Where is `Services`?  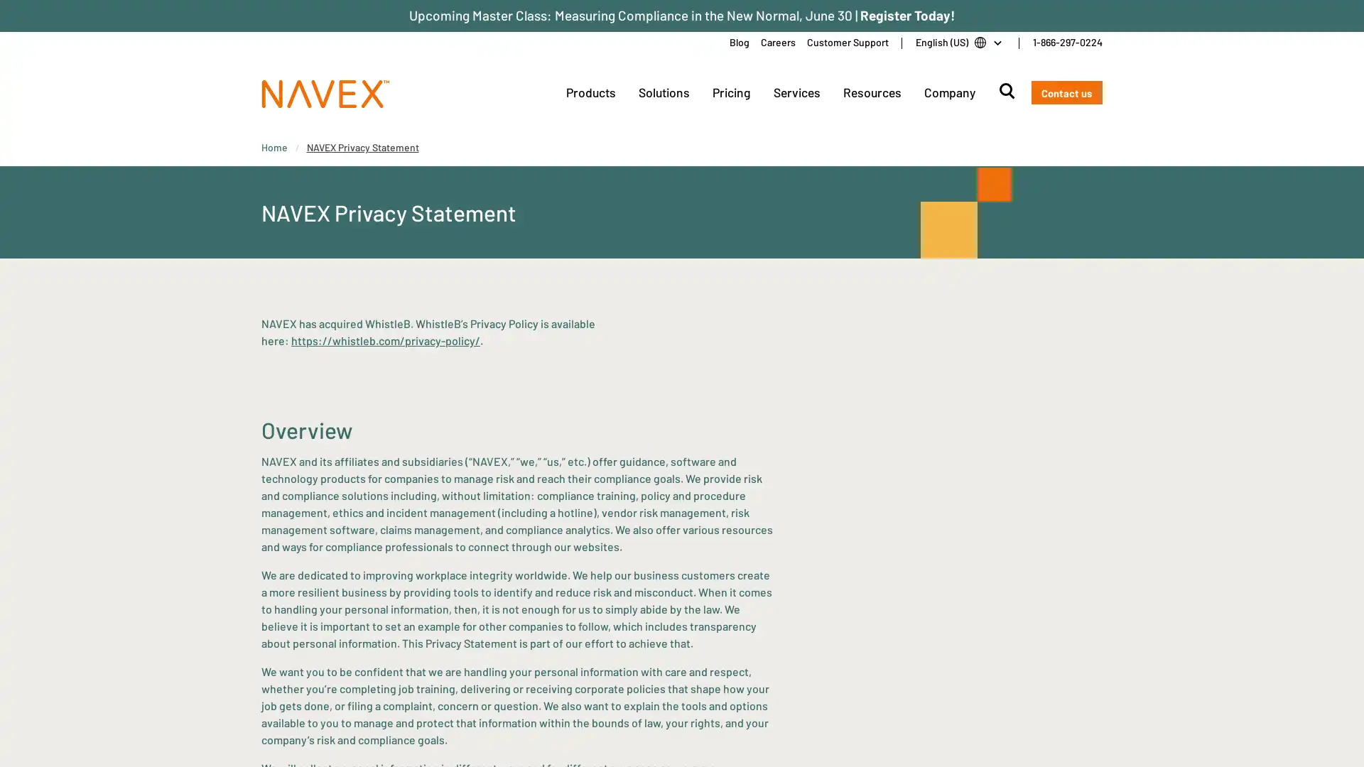 Services is located at coordinates (796, 92).